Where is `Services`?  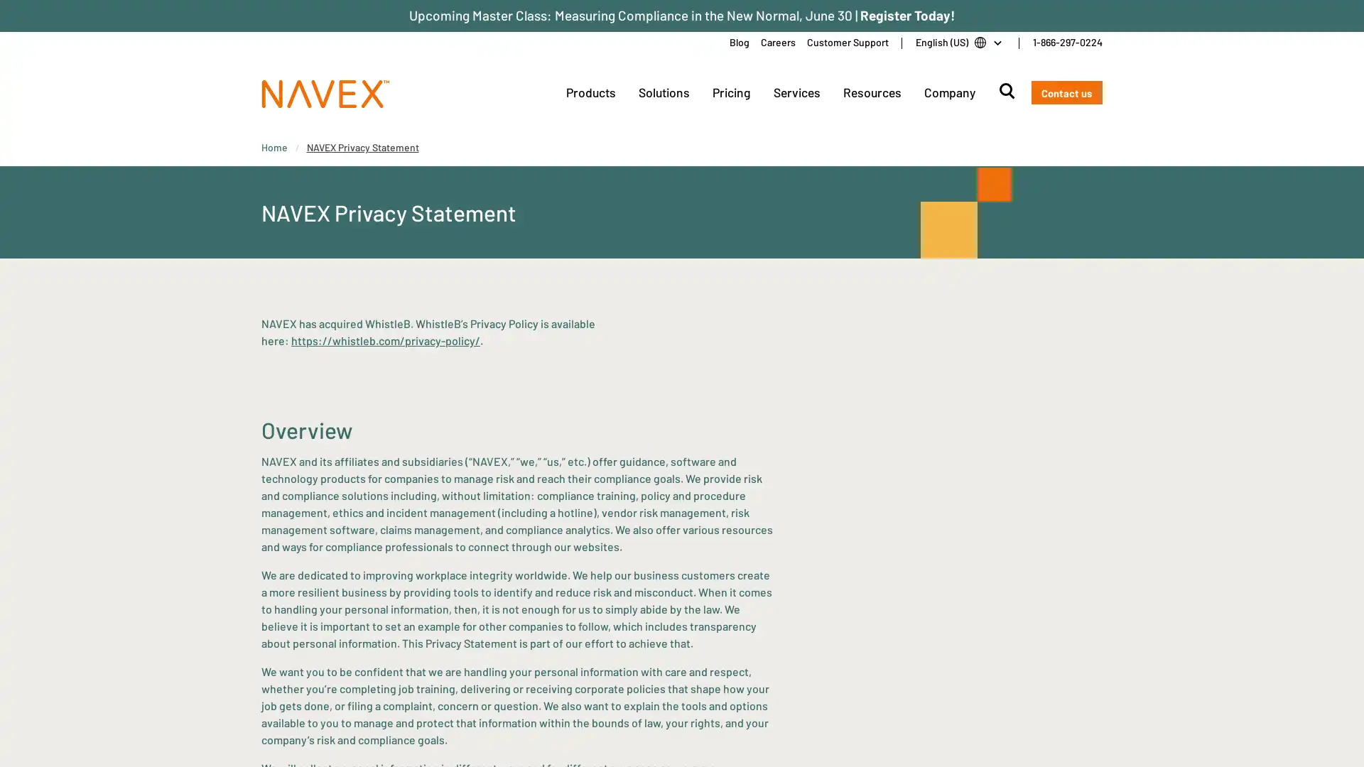 Services is located at coordinates (796, 92).